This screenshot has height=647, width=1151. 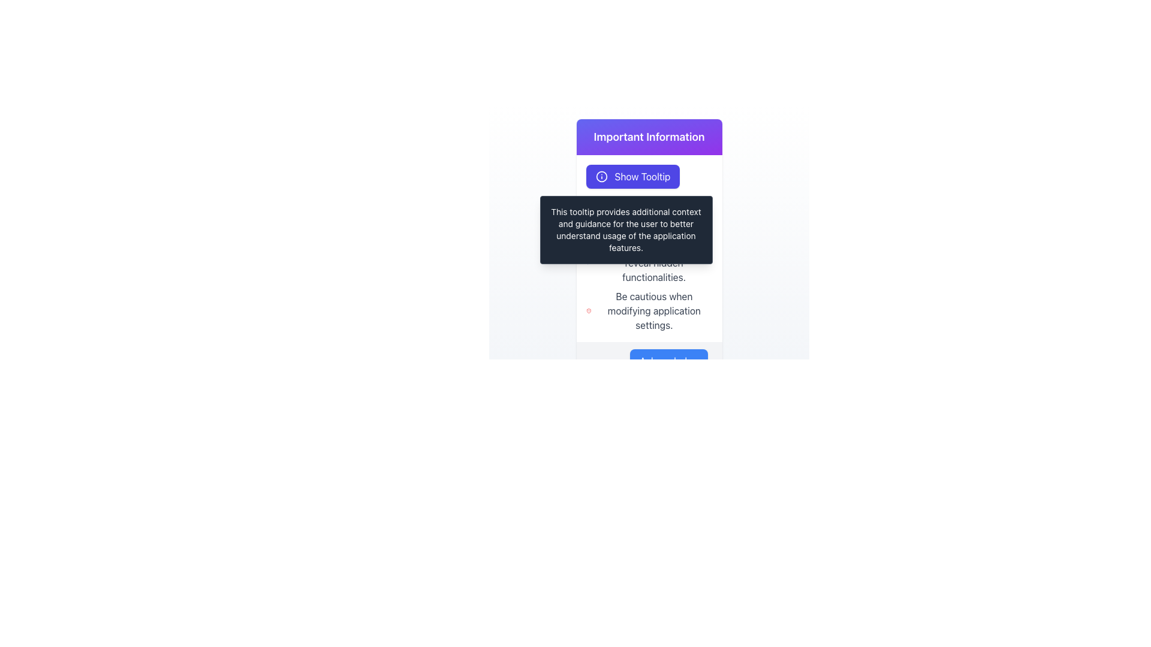 I want to click on the rectangular button with rounded corners, purple background, and white text that reads 'Show Tooltip', located centrally below the 'Important Information' section, so click(x=632, y=176).